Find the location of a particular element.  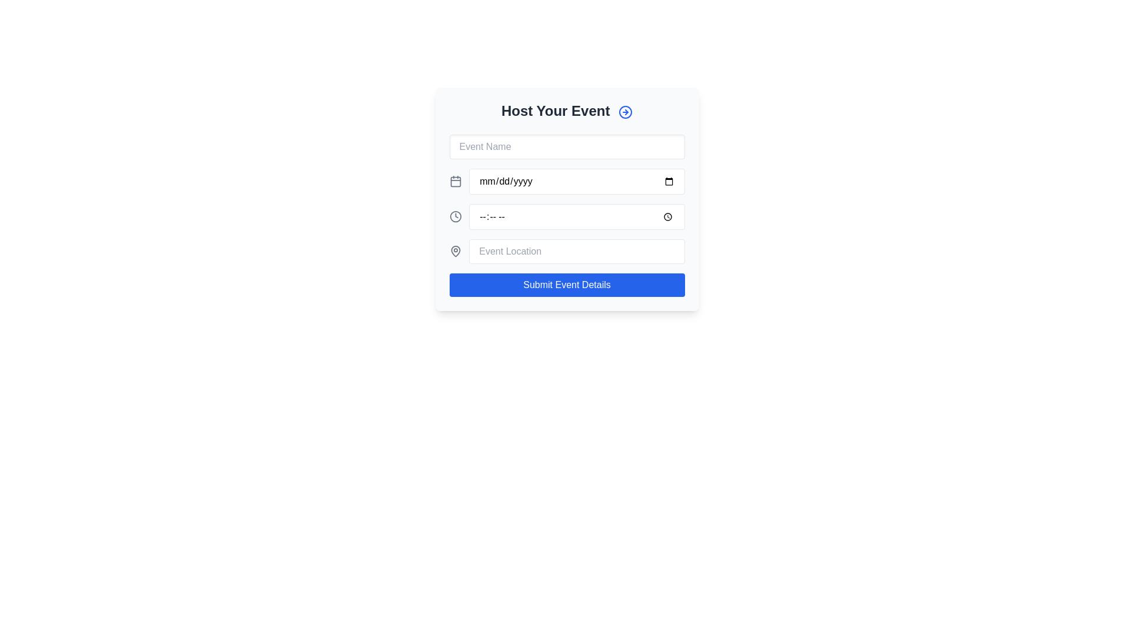

the clock icon, which is a gray circular icon with clock hands, located to the left of the time input field in the third row of the form is located at coordinates (455, 217).